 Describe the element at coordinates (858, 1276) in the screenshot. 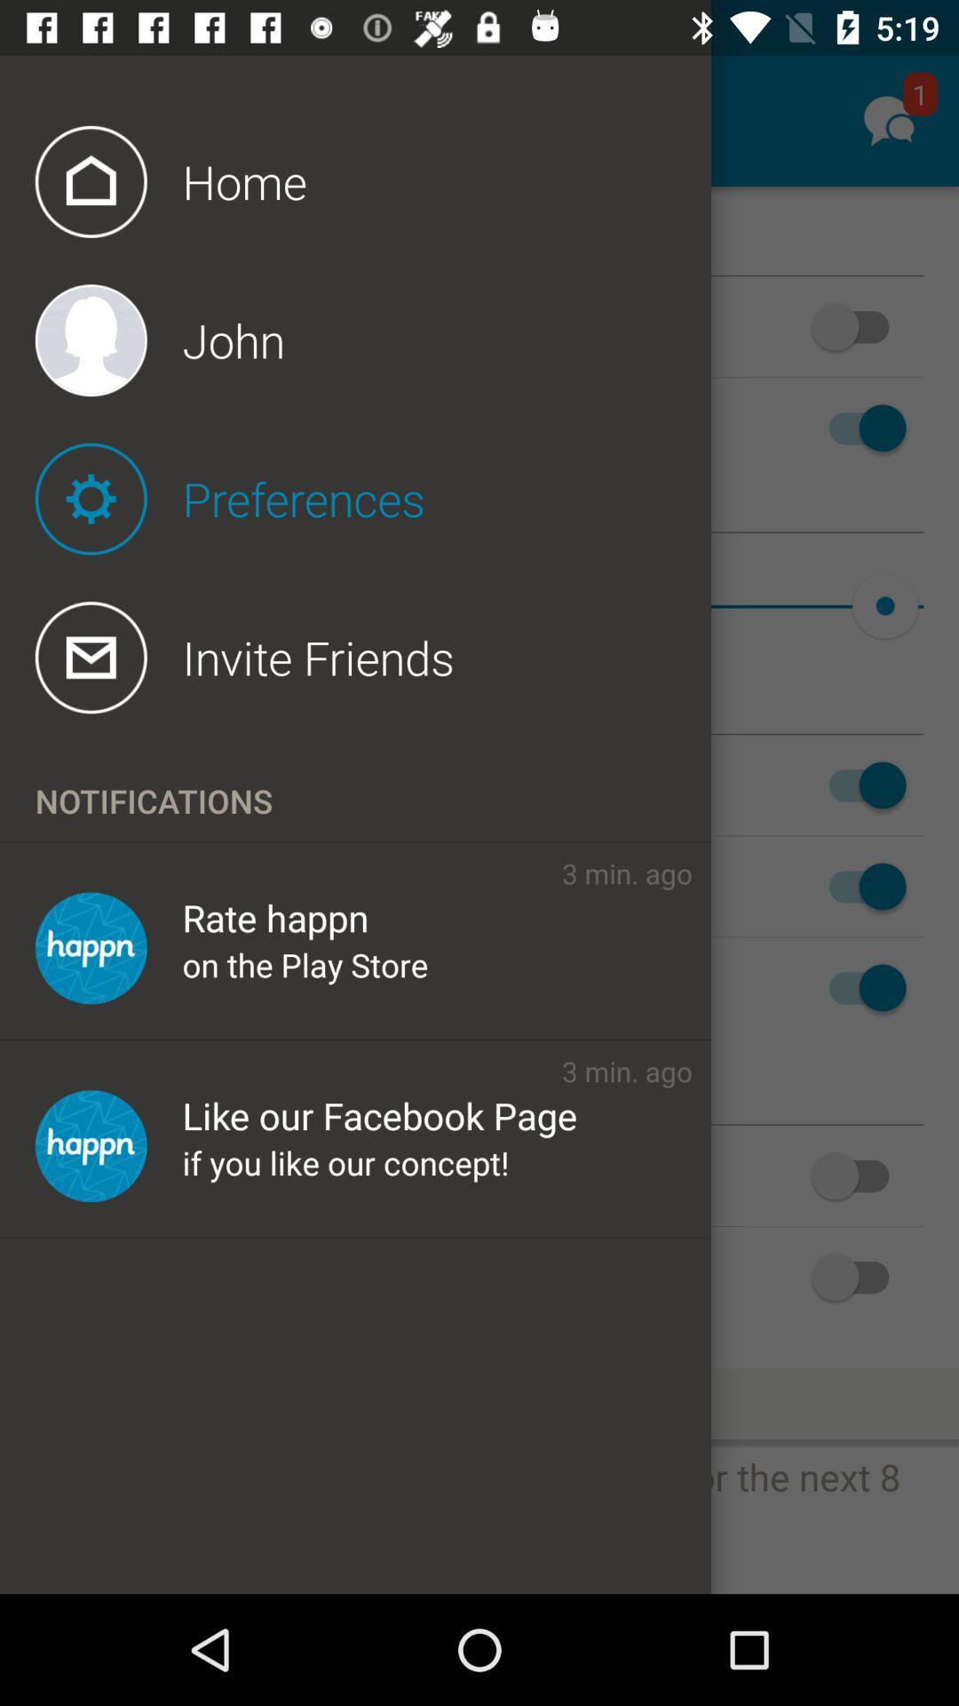

I see `the last switch button from the top` at that location.